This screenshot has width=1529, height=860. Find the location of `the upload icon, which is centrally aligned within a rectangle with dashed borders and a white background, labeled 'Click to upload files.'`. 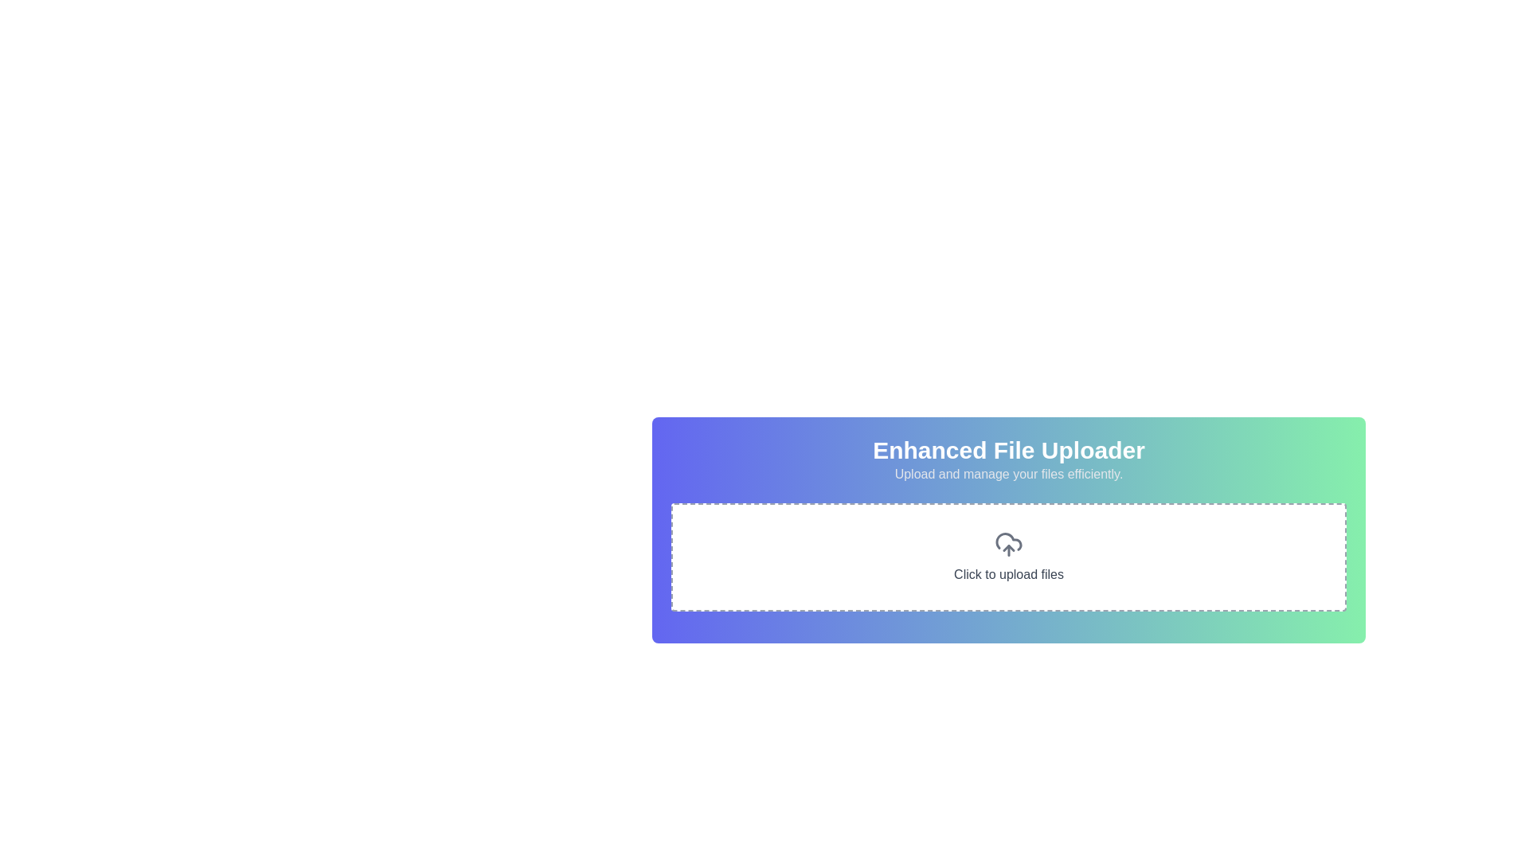

the upload icon, which is centrally aligned within a rectangle with dashed borders and a white background, labeled 'Click to upload files.' is located at coordinates (1008, 543).